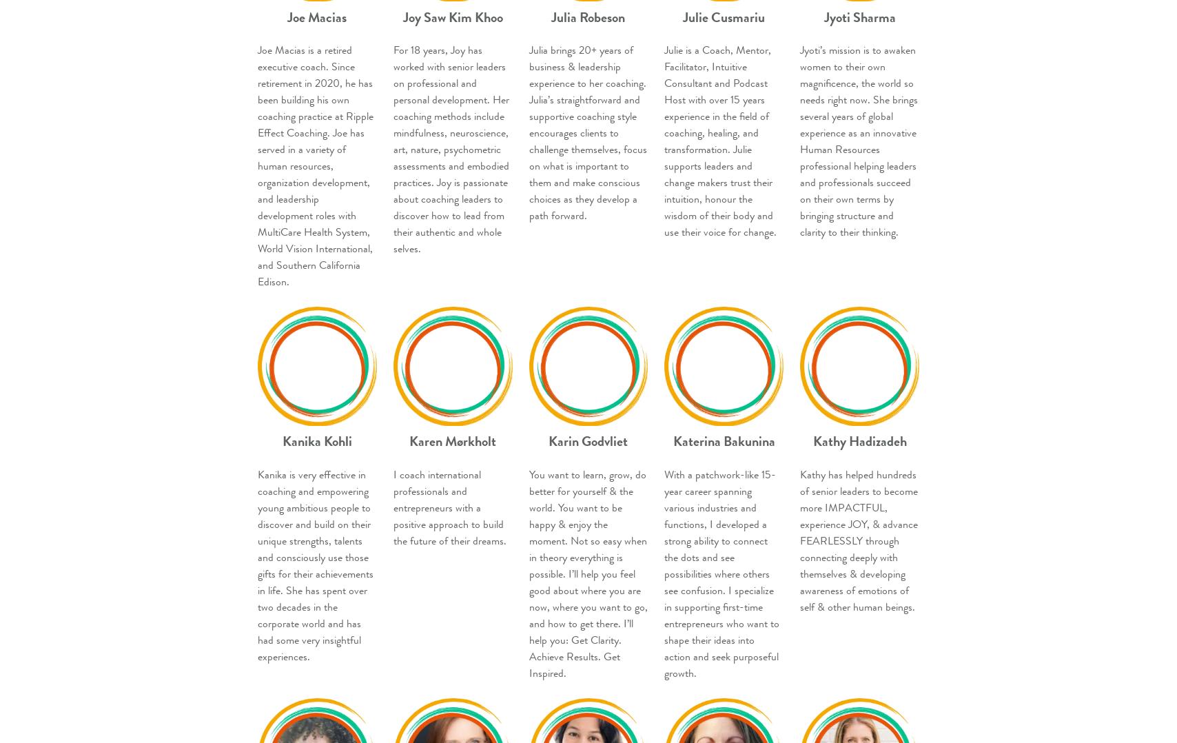 The image size is (1177, 743). What do you see at coordinates (452, 16) in the screenshot?
I see `'Joy Saw Kim Khoo'` at bounding box center [452, 16].